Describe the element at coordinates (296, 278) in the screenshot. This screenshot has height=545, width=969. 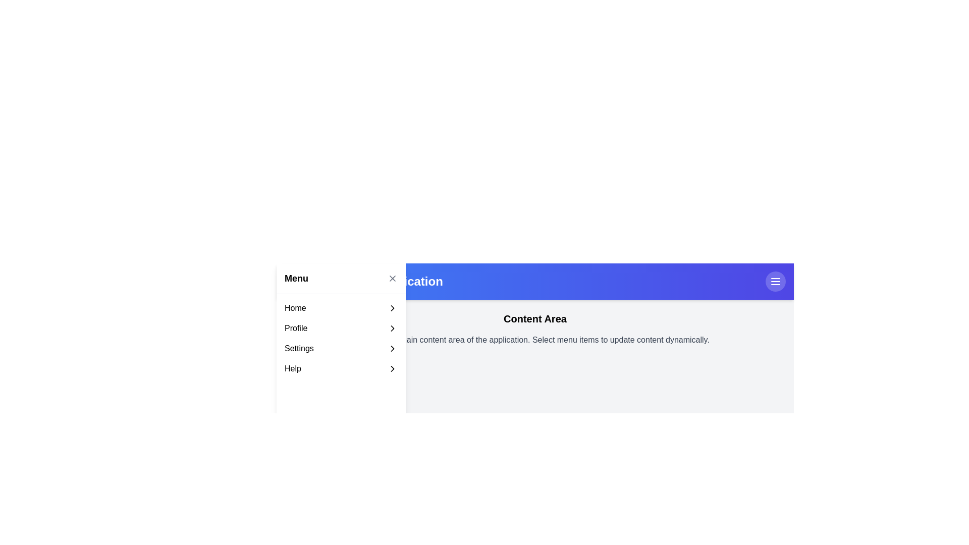
I see `the static text label displaying 'Menu' in bold font located in the top-left section of the viewport within the navigation bar` at that location.